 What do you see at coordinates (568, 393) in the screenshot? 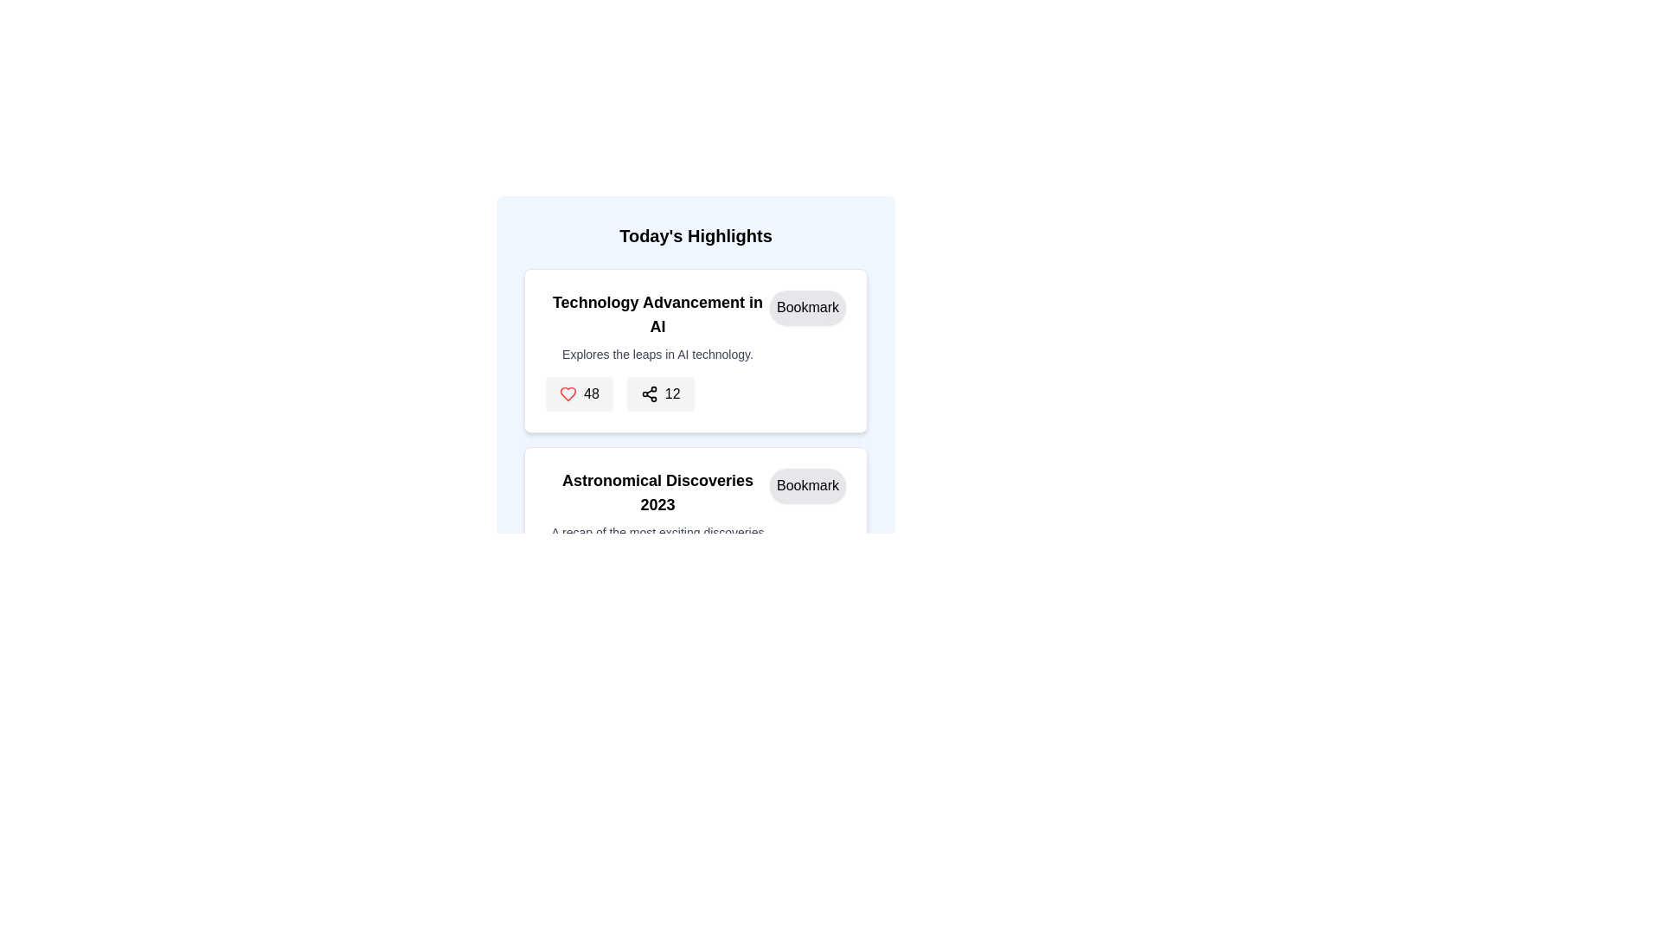
I see `the heart-shaped icon indicative of a 'like' or 'favorite' feature within the content card titled 'Technology Advancement in AI'` at bounding box center [568, 393].